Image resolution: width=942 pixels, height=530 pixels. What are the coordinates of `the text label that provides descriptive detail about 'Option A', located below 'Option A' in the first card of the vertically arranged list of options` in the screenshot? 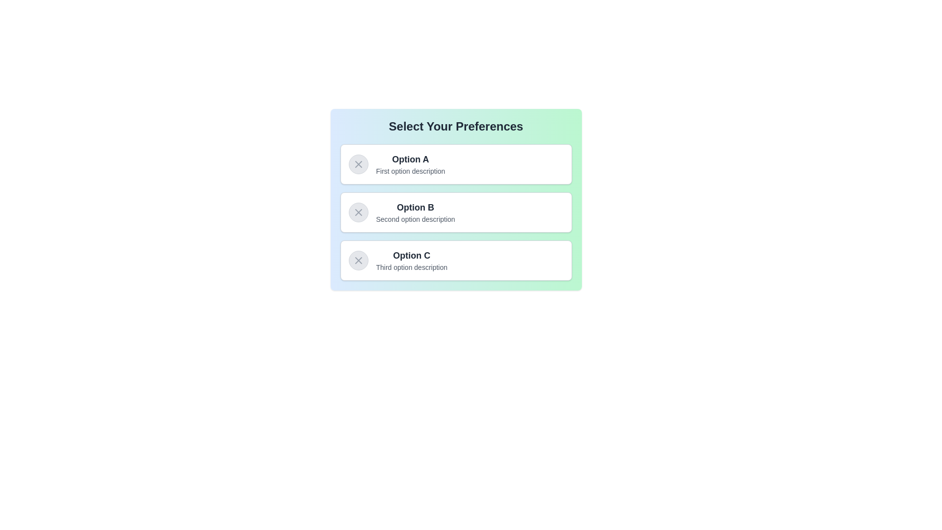 It's located at (410, 170).